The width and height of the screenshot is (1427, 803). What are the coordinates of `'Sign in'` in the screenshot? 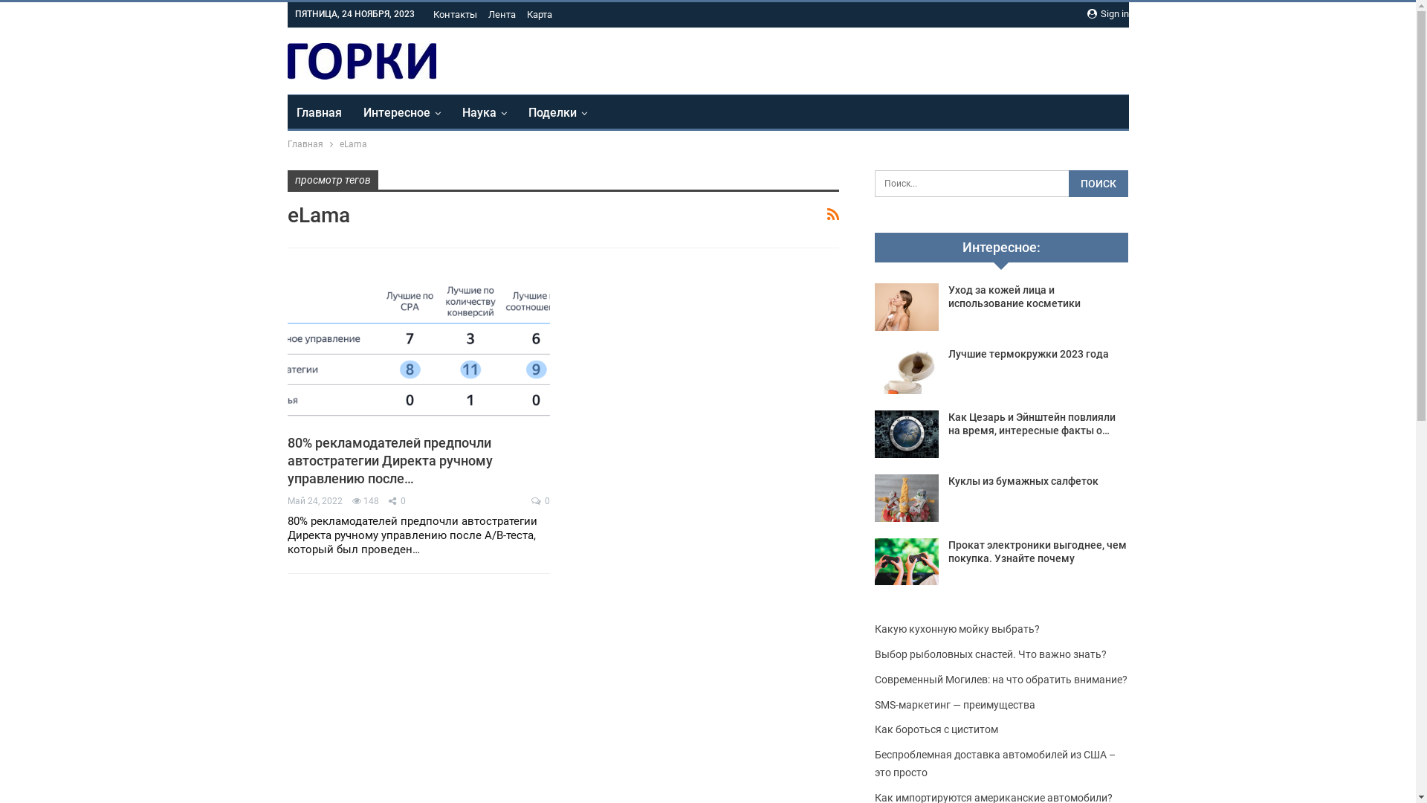 It's located at (1087, 14).